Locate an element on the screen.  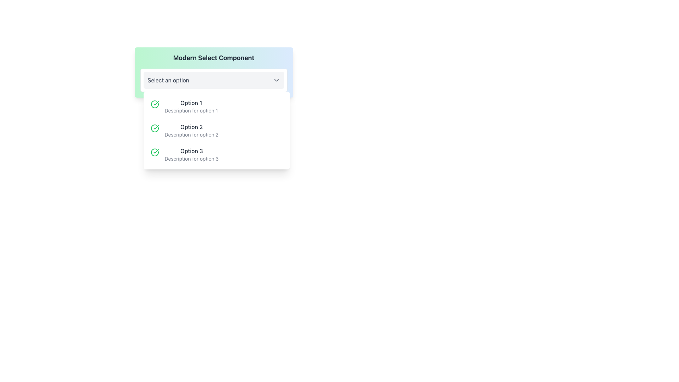
the text label displaying 'Option 2', which is the second option in a dropdown list, located between 'Option 1' and 'Option 3' is located at coordinates (191, 126).